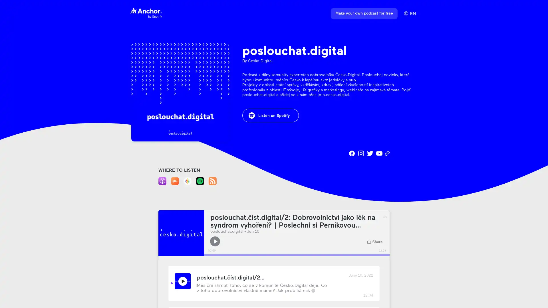 This screenshot has height=308, width=548. Describe the element at coordinates (410, 13) in the screenshot. I see `Globe Icon EN` at that location.